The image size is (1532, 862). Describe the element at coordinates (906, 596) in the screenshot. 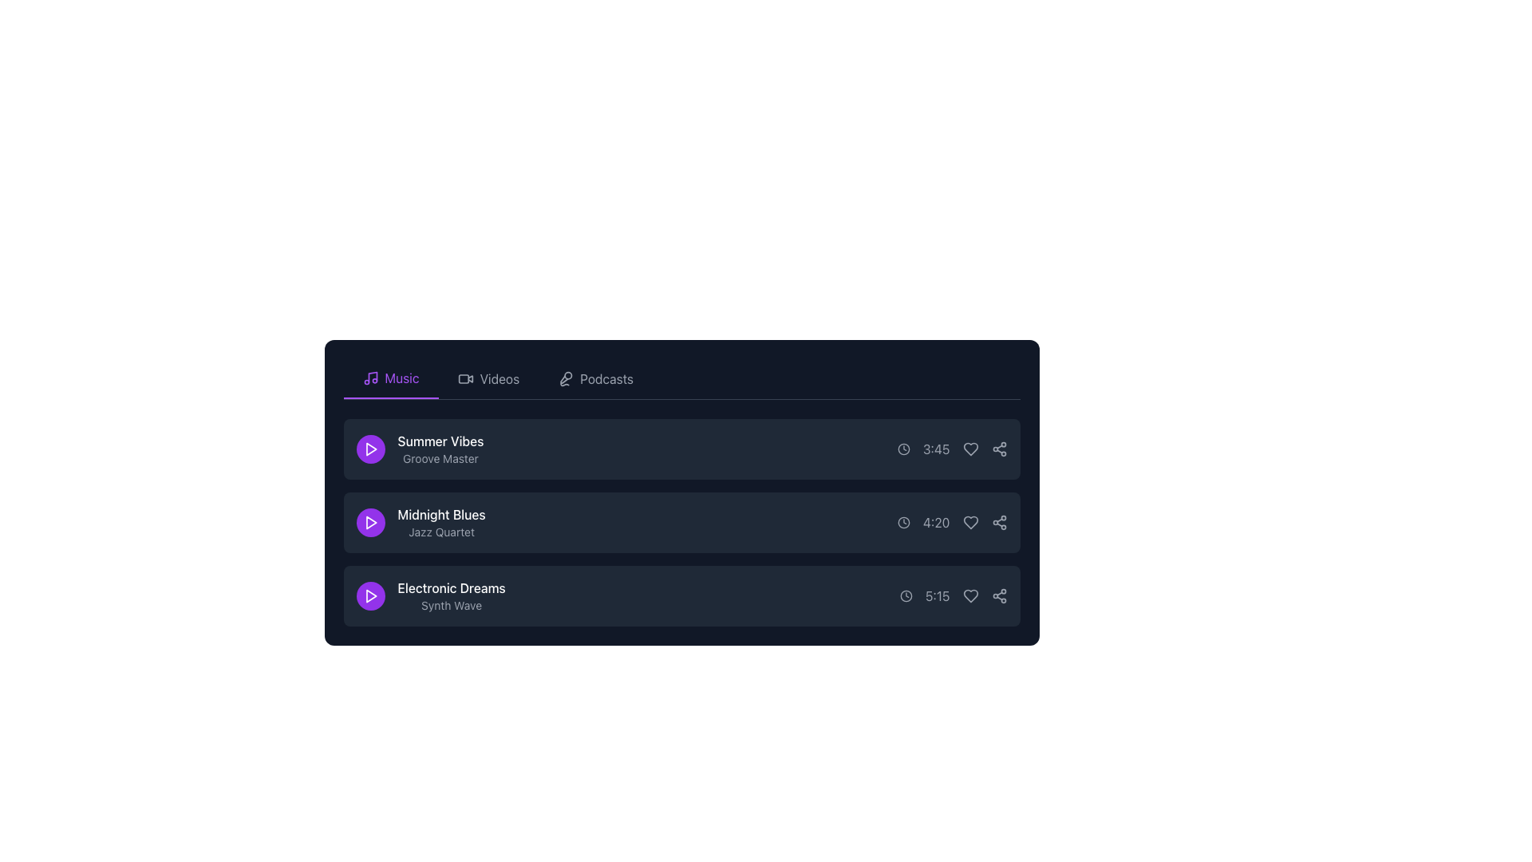

I see `the clock icon, which is a gray circular outline with clock hands, located in the bottommost box of three horizontally-aligned icons in the third row, preceding the time text '5:15'` at that location.